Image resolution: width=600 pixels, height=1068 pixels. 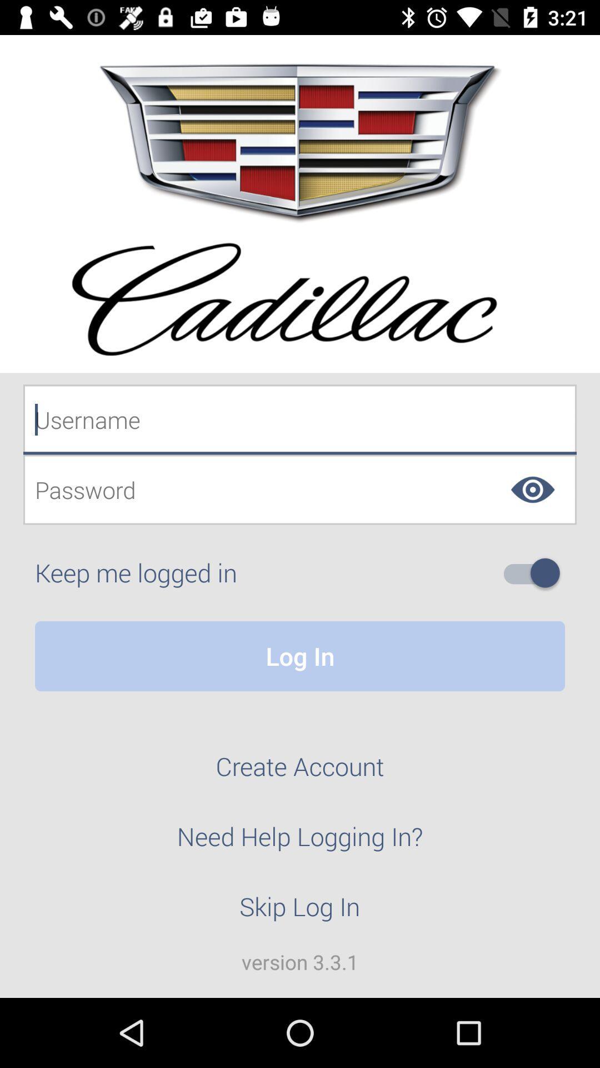 What do you see at coordinates (300, 489) in the screenshot?
I see `type password box` at bounding box center [300, 489].